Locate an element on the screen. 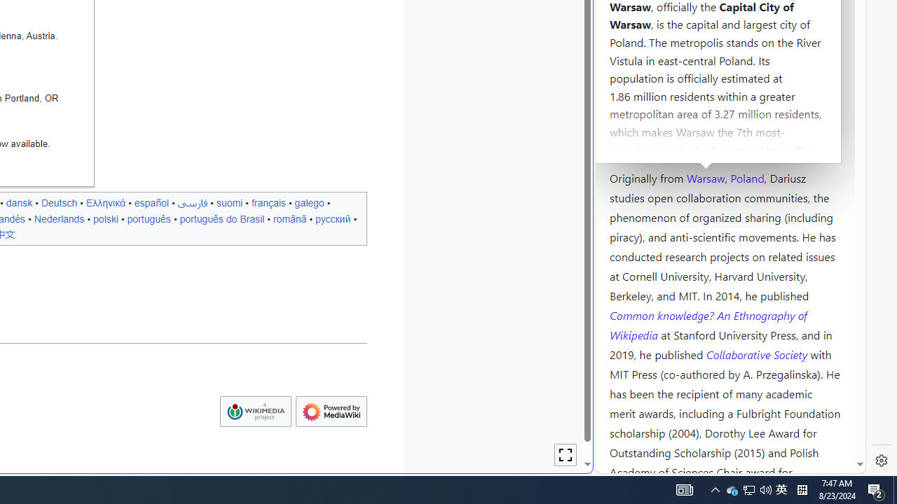  'Common knowledge? An Ethnography of Wikipedia' is located at coordinates (708, 325).